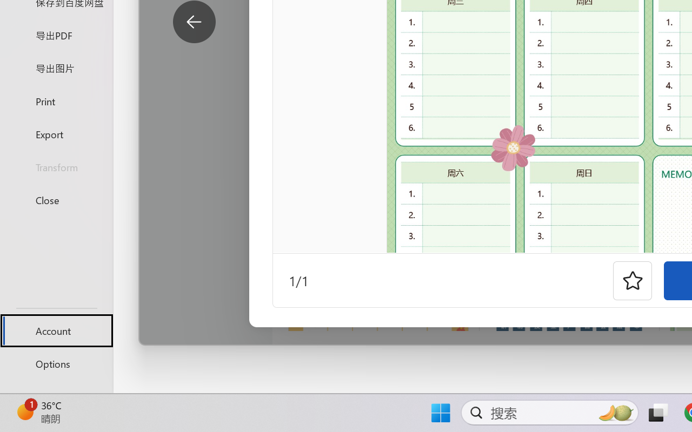  I want to click on 'Account', so click(56, 330).